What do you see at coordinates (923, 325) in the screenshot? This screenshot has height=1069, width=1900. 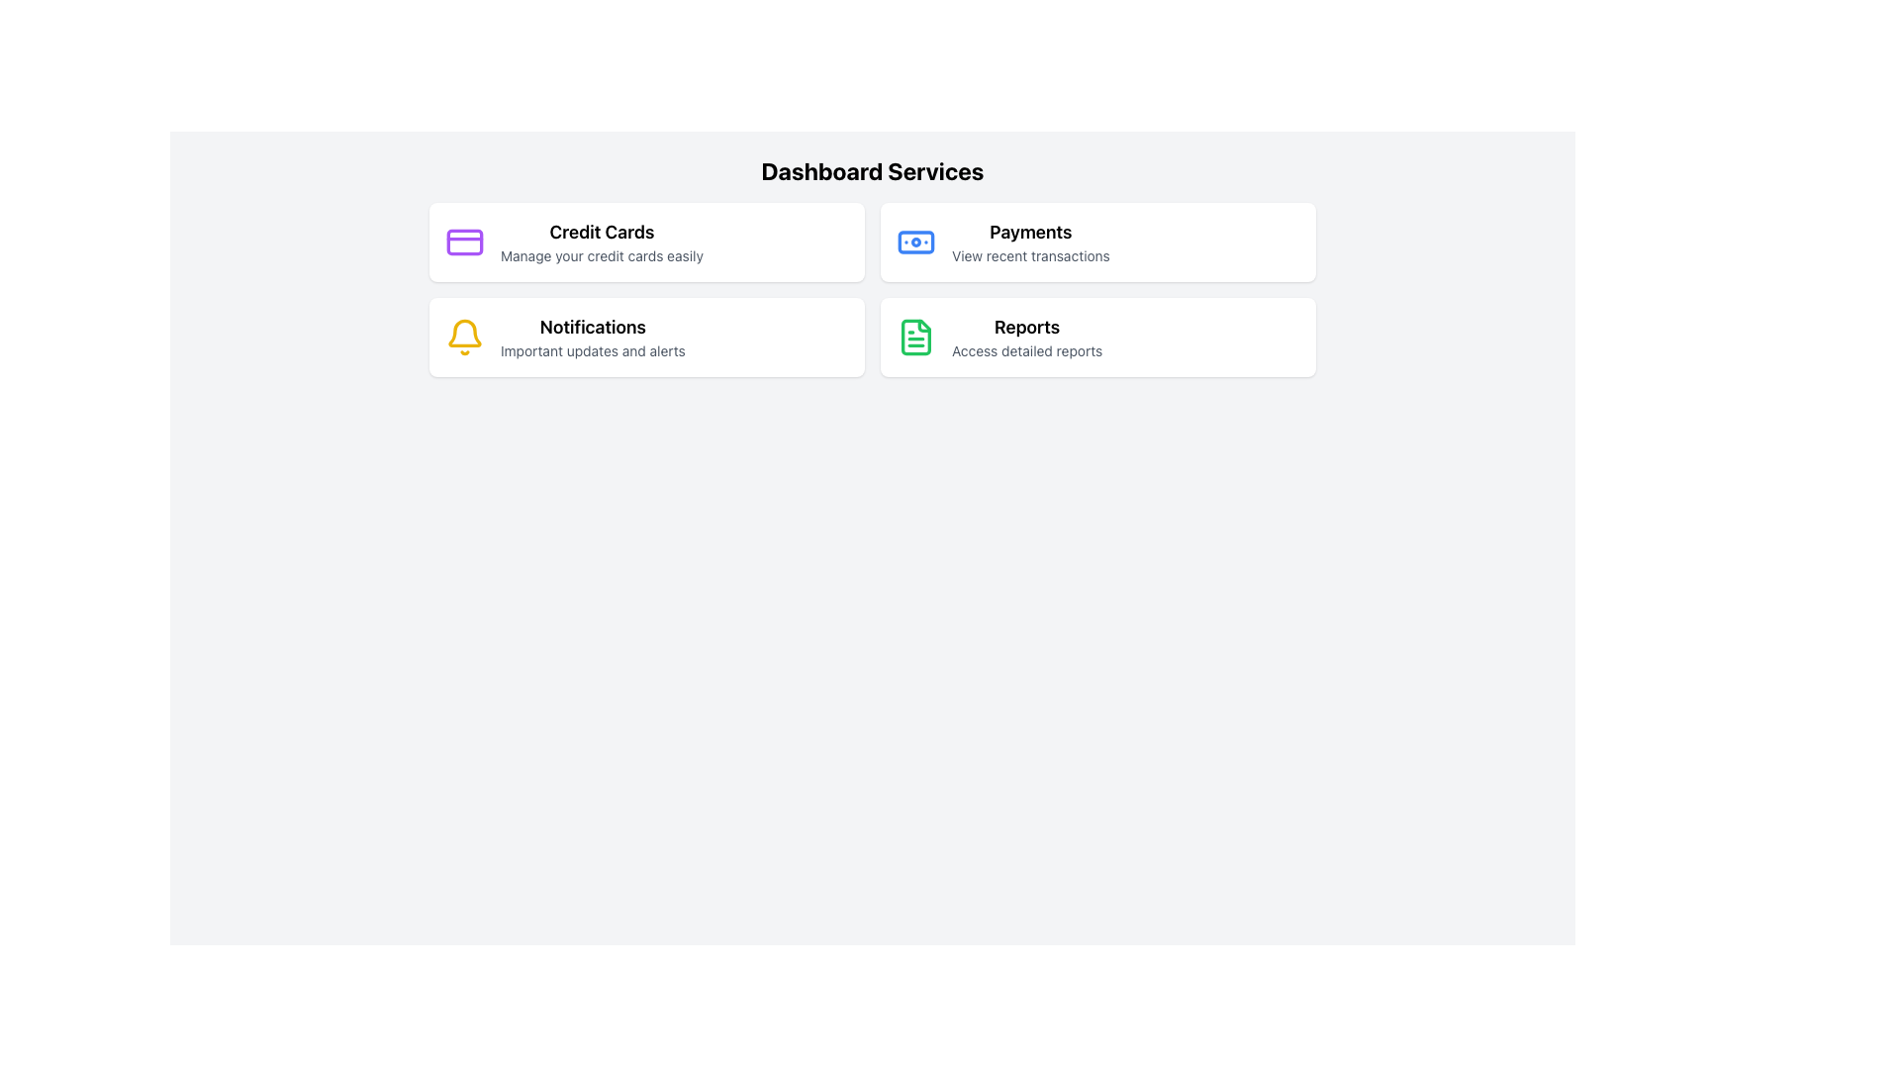 I see `the small graphical icon element resembling a file, located in the top-right segment of the Reports section's 2x2 grid layout` at bounding box center [923, 325].